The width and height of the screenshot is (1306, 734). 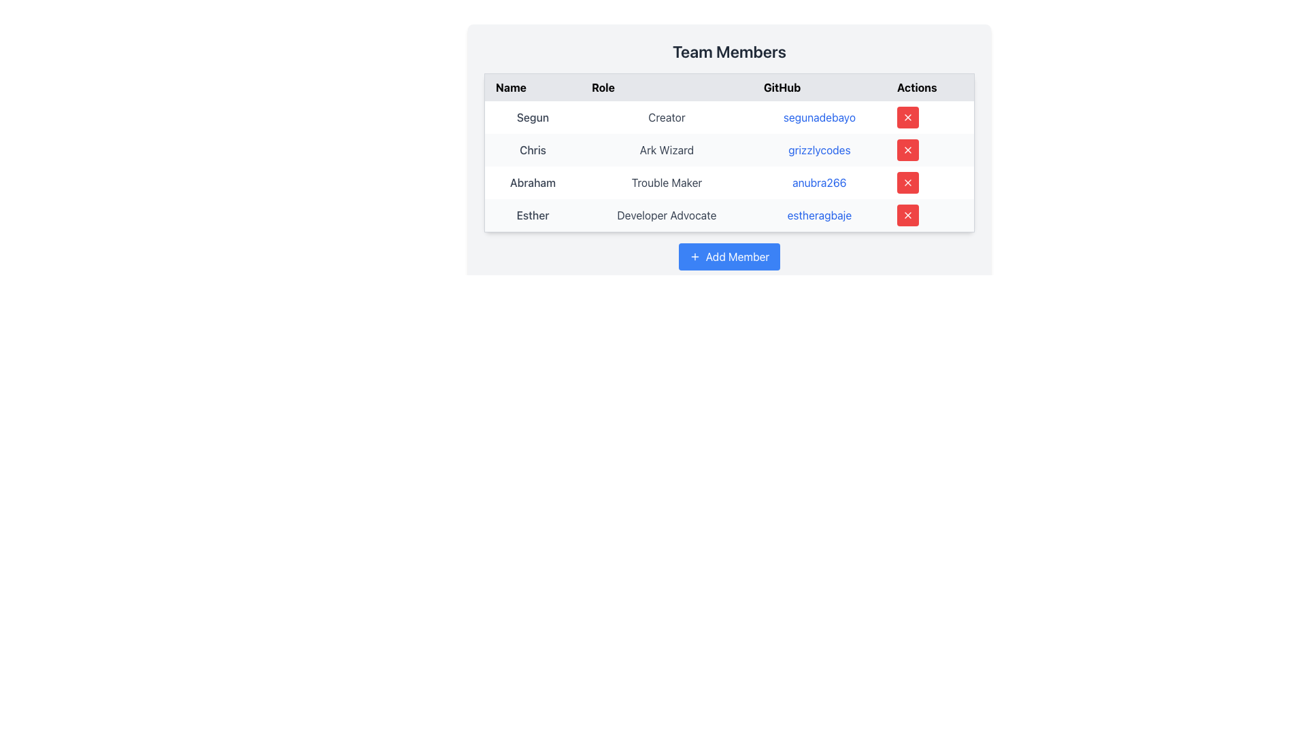 What do you see at coordinates (818, 150) in the screenshot?
I see `the GitHub link for the member Chris, who is identified as 'Ark Wizard'` at bounding box center [818, 150].